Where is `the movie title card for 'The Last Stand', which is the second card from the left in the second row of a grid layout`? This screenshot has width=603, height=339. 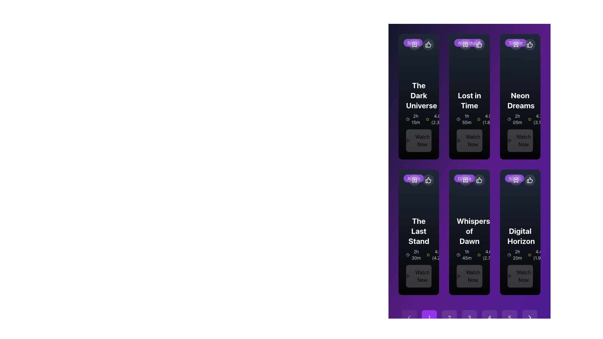
the movie title card for 'The Last Stand', which is the second card from the left in the second row of a grid layout is located at coordinates (419, 251).